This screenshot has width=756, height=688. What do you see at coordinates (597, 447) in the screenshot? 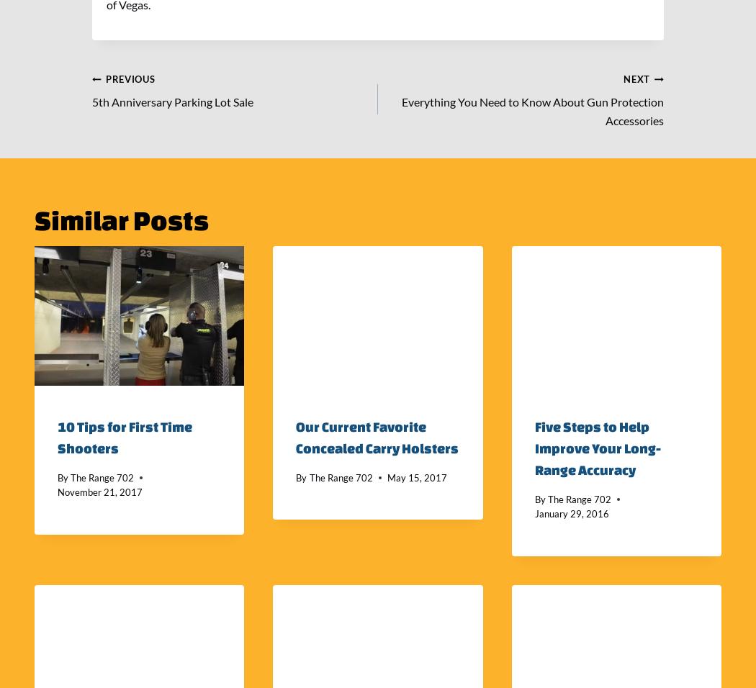
I see `'Five Steps to Help Improve Your Long-Range Accuracy'` at bounding box center [597, 447].